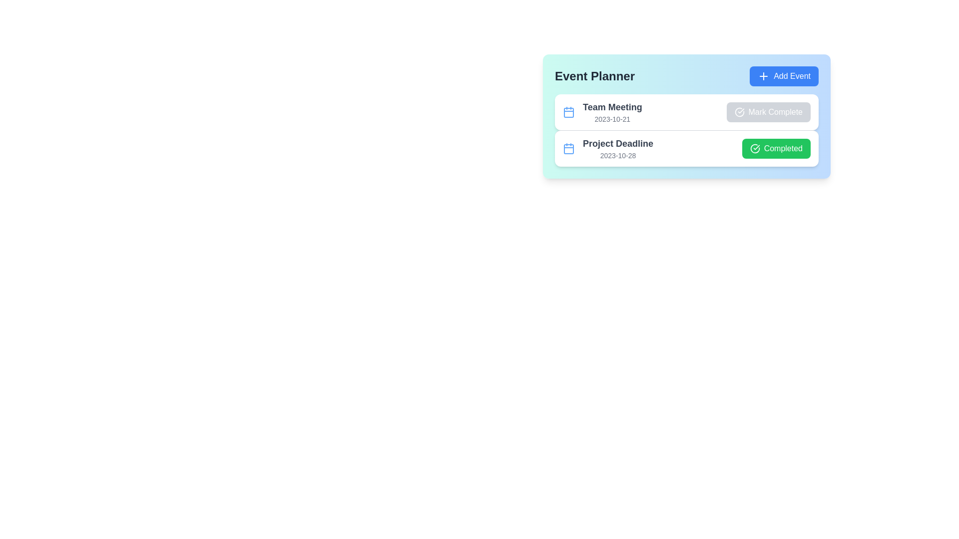  Describe the element at coordinates (568, 112) in the screenshot. I see `the calendar icon for the event 'Team Meeting'` at that location.